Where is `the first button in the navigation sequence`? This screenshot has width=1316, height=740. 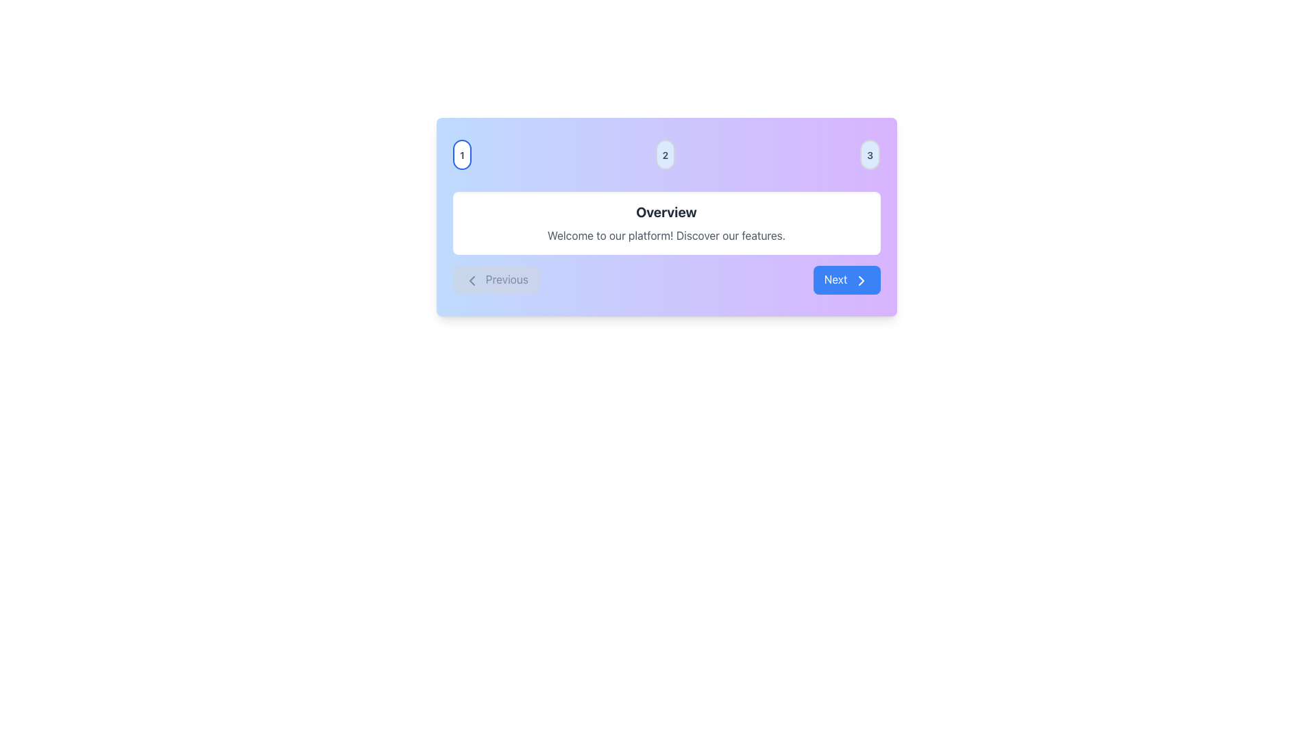
the first button in the navigation sequence is located at coordinates (461, 154).